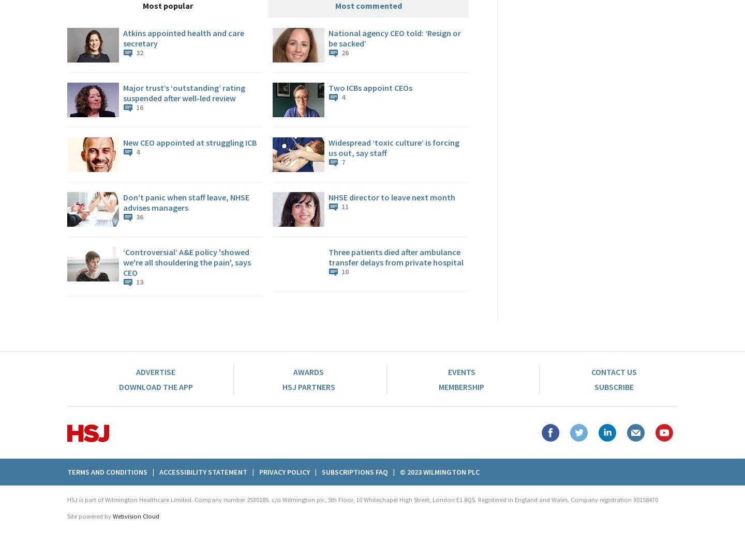 This screenshot has height=533, width=745. Describe the element at coordinates (107, 472) in the screenshot. I see `'Terms And Conditions'` at that location.